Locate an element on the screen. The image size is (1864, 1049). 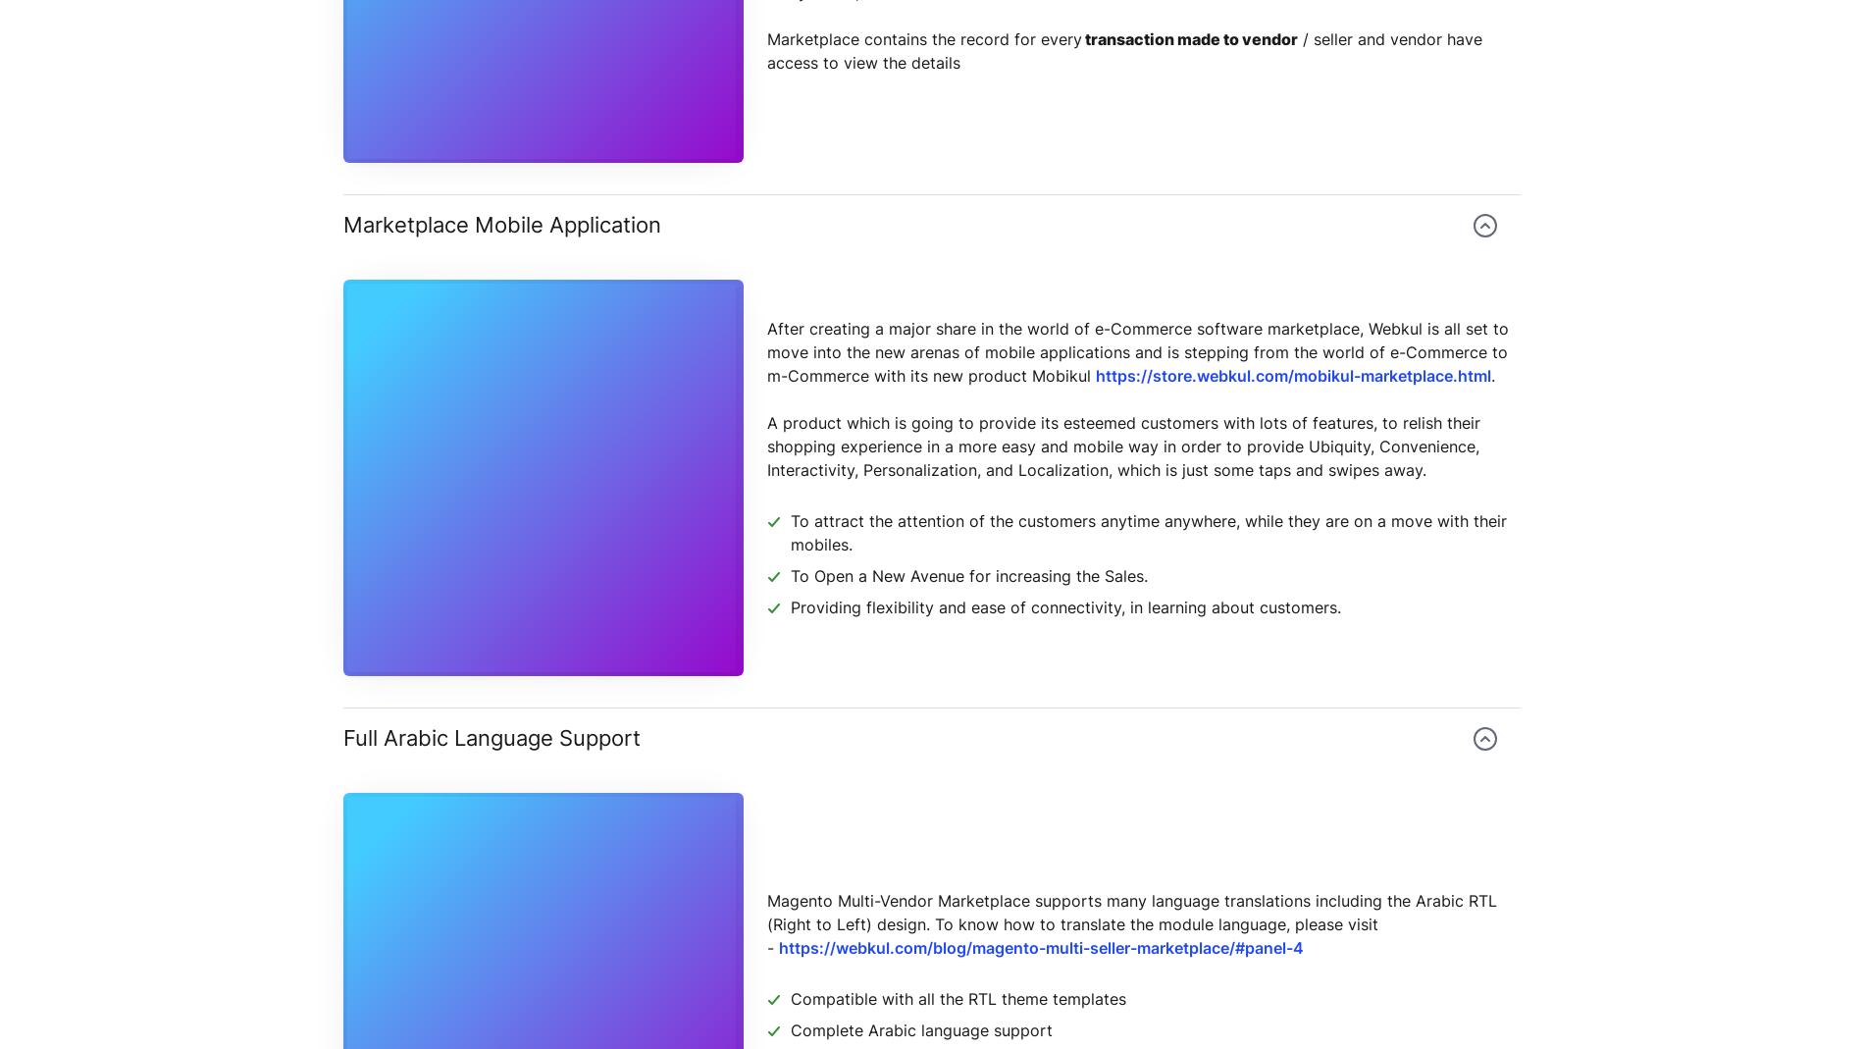
'Marketplace Mobile Application' is located at coordinates (502, 223).